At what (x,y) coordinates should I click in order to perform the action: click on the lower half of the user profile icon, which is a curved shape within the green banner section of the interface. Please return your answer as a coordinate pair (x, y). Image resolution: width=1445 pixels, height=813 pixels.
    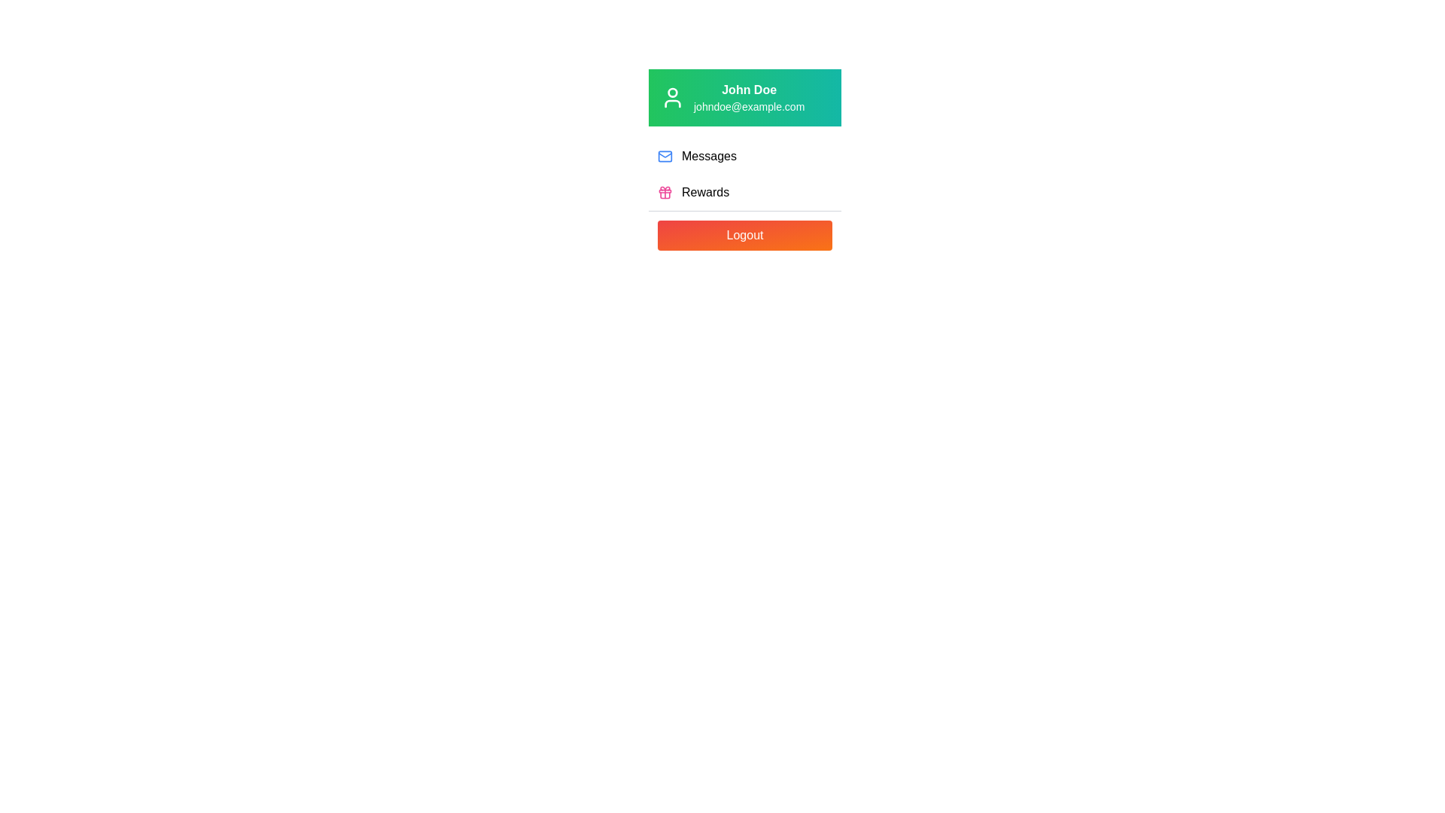
    Looking at the image, I should click on (671, 103).